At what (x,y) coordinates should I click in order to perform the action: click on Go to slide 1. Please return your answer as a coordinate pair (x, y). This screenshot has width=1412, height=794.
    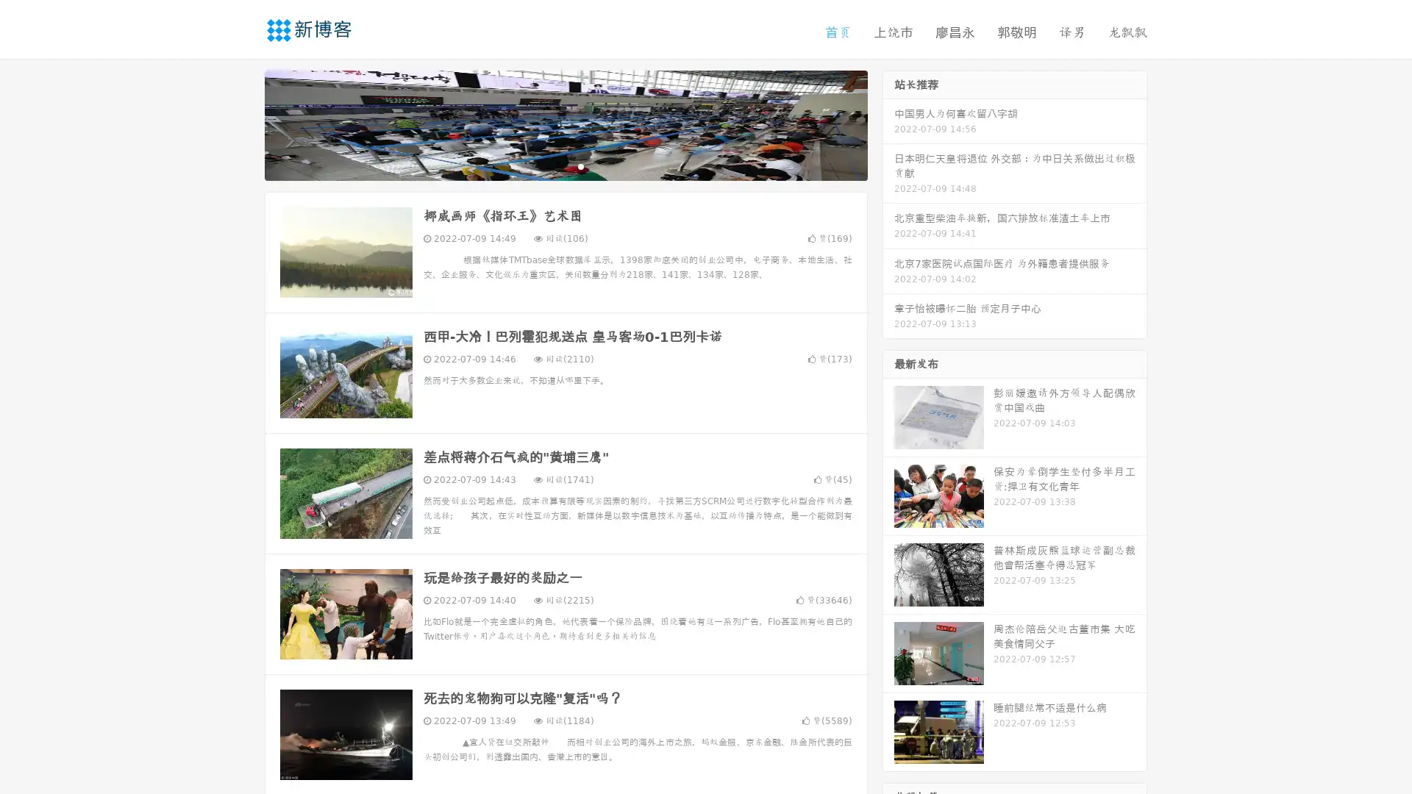
    Looking at the image, I should click on (550, 165).